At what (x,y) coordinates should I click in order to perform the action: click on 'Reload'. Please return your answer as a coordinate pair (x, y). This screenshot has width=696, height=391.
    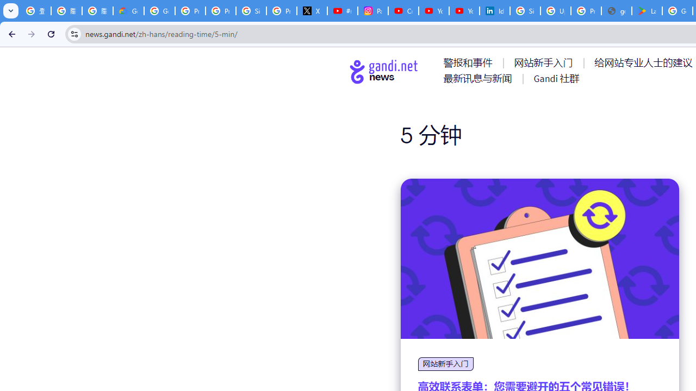
    Looking at the image, I should click on (51, 33).